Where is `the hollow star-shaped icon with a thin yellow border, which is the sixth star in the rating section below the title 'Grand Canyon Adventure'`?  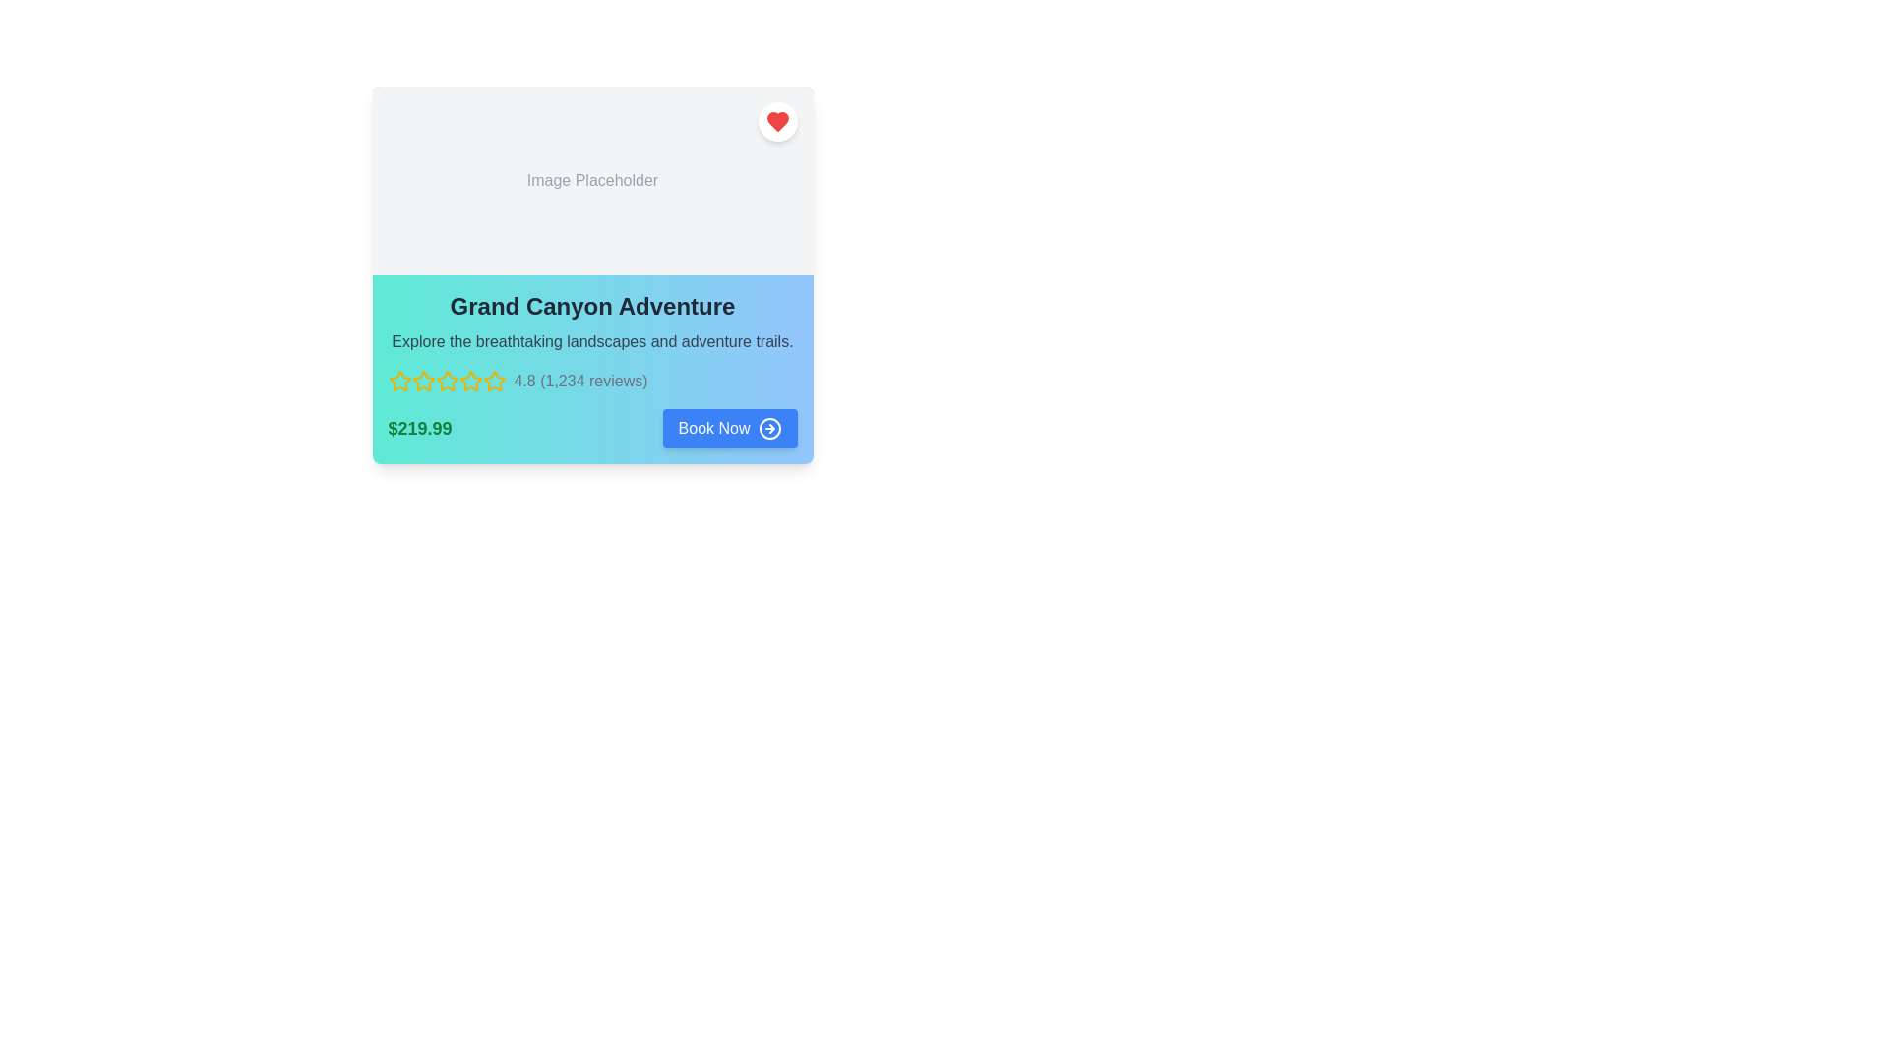
the hollow star-shaped icon with a thin yellow border, which is the sixth star in the rating section below the title 'Grand Canyon Adventure' is located at coordinates (469, 382).